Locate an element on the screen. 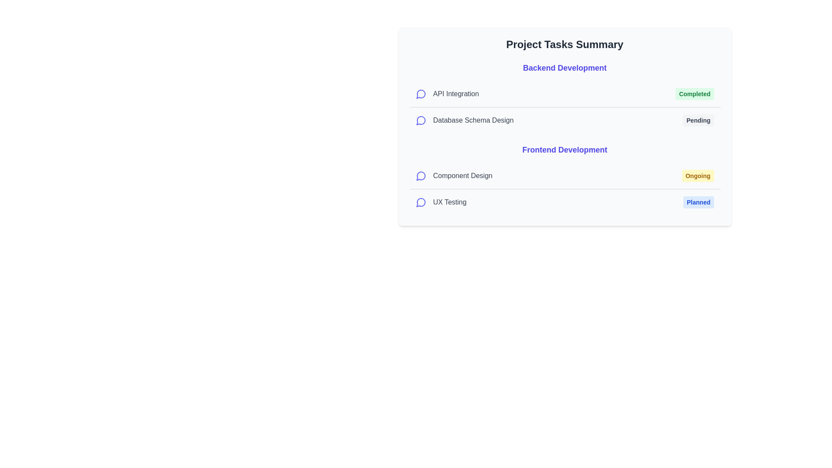 The width and height of the screenshot is (832, 468). the section labeled 'Backend Development' that summarizes the tasks 'API Integration' (Completed) and 'Database Schema Design' (Pending), located under 'Project Tasks Summary' and above 'Frontend Development' is located at coordinates (565, 97).